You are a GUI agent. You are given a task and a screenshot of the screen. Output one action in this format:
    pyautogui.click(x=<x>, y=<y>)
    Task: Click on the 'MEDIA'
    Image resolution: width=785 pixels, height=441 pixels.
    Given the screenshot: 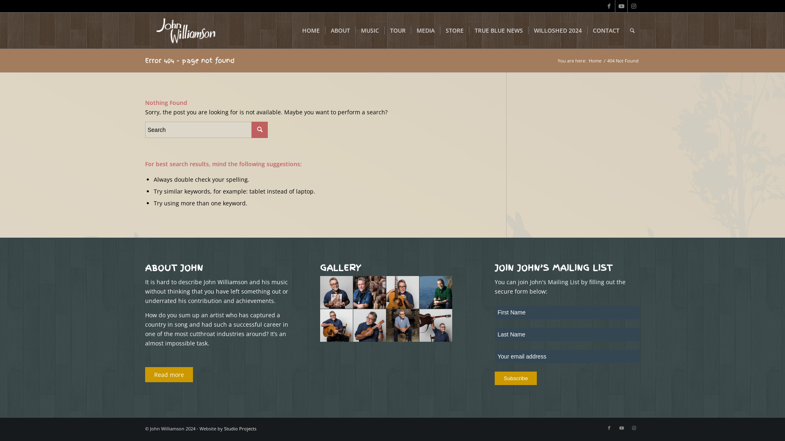 What is the action you would take?
    pyautogui.click(x=425, y=30)
    